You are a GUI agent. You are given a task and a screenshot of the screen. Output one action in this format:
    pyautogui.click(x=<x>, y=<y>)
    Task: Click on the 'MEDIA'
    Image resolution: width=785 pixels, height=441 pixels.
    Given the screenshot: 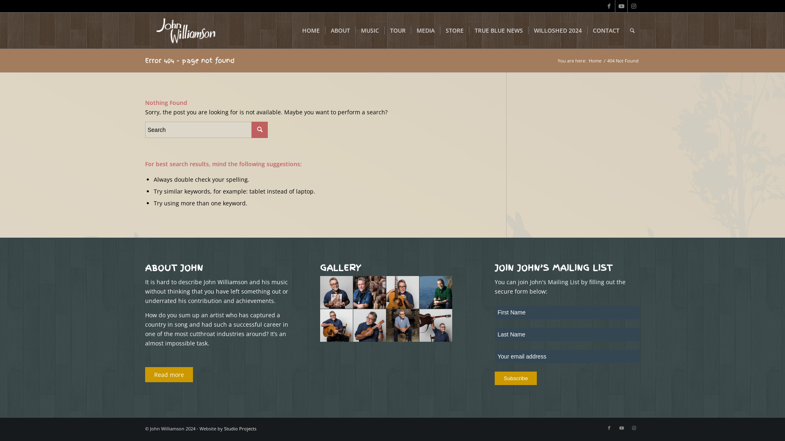 What is the action you would take?
    pyautogui.click(x=425, y=30)
    